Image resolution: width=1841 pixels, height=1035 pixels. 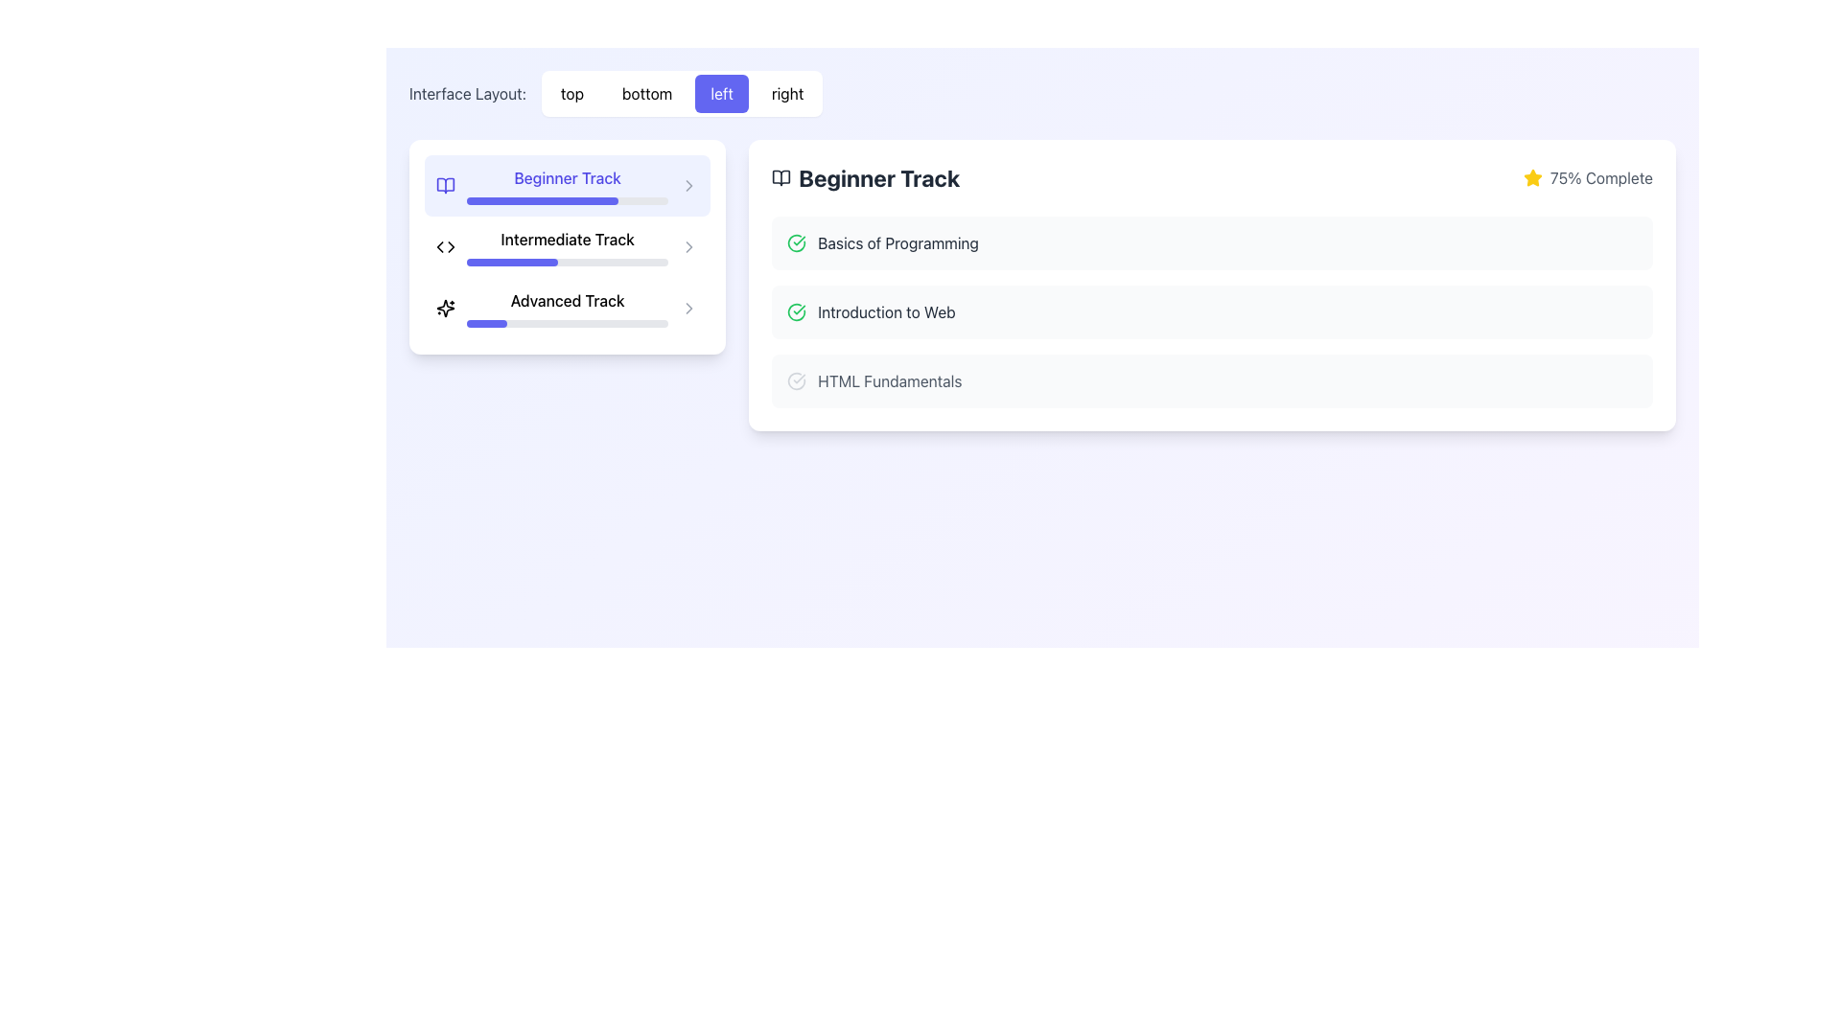 I want to click on text label displaying 'Introduction to Web' which is styled in dark gray and located in the 'Beginner Track' list, positioned to the right of a green checkmark icon, so click(x=886, y=311).